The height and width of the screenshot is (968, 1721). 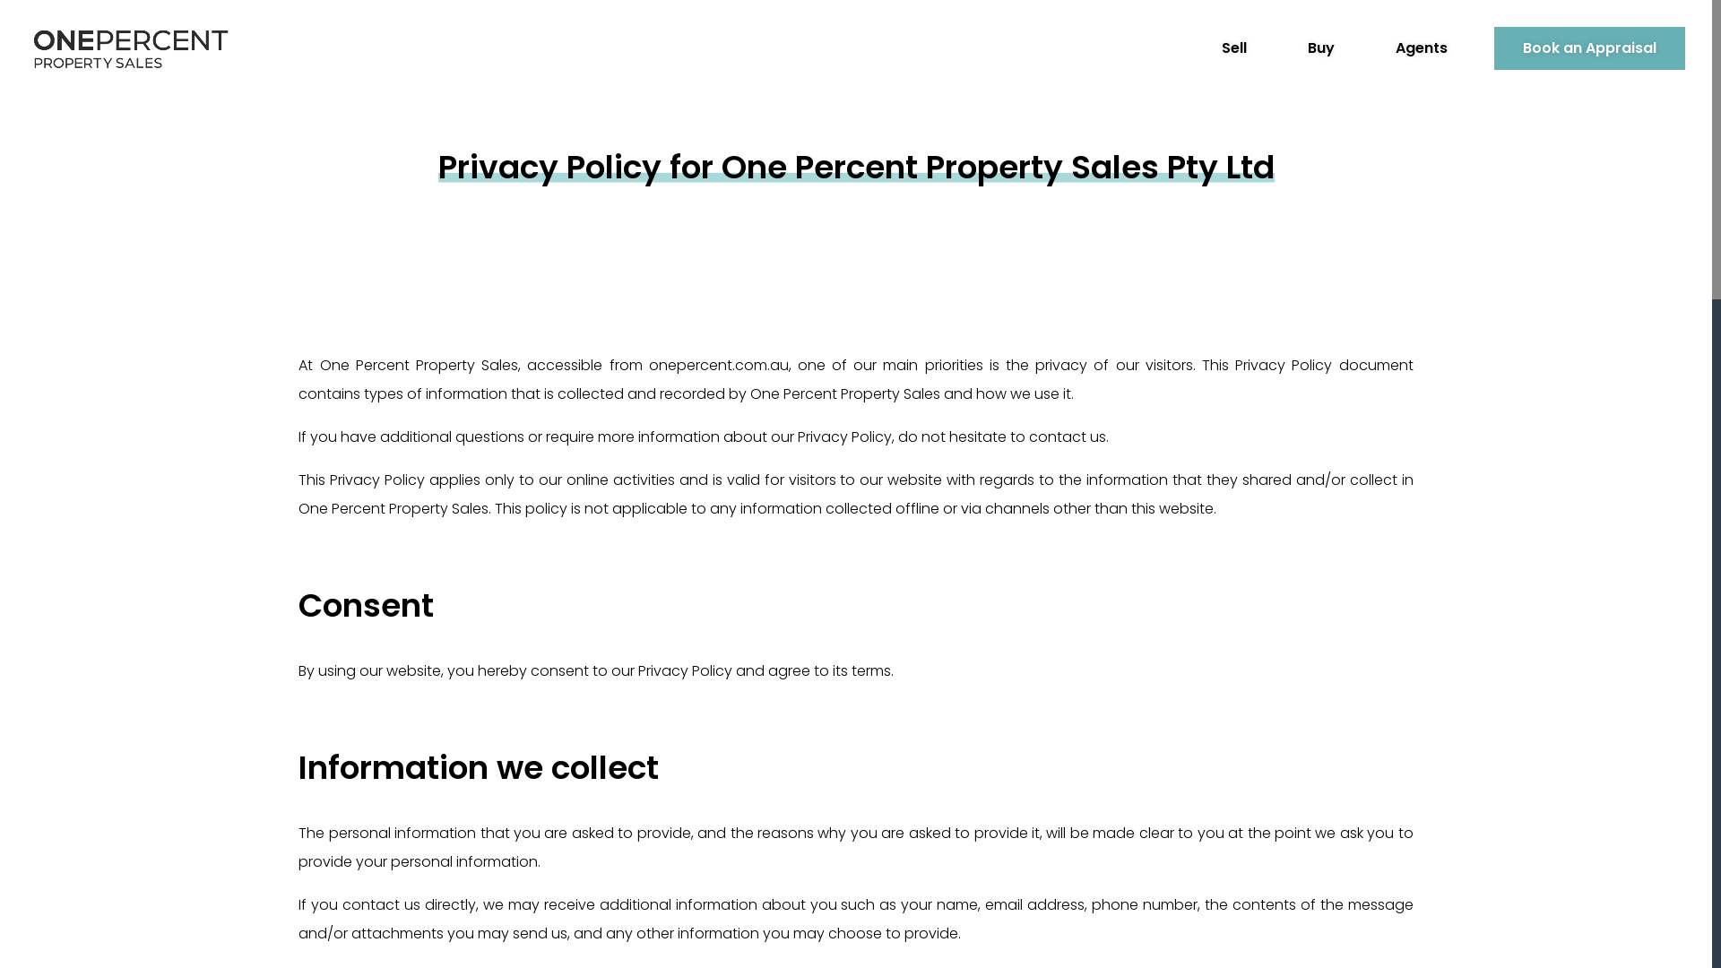 What do you see at coordinates (1493, 48) in the screenshot?
I see `'Book an Appraisal'` at bounding box center [1493, 48].